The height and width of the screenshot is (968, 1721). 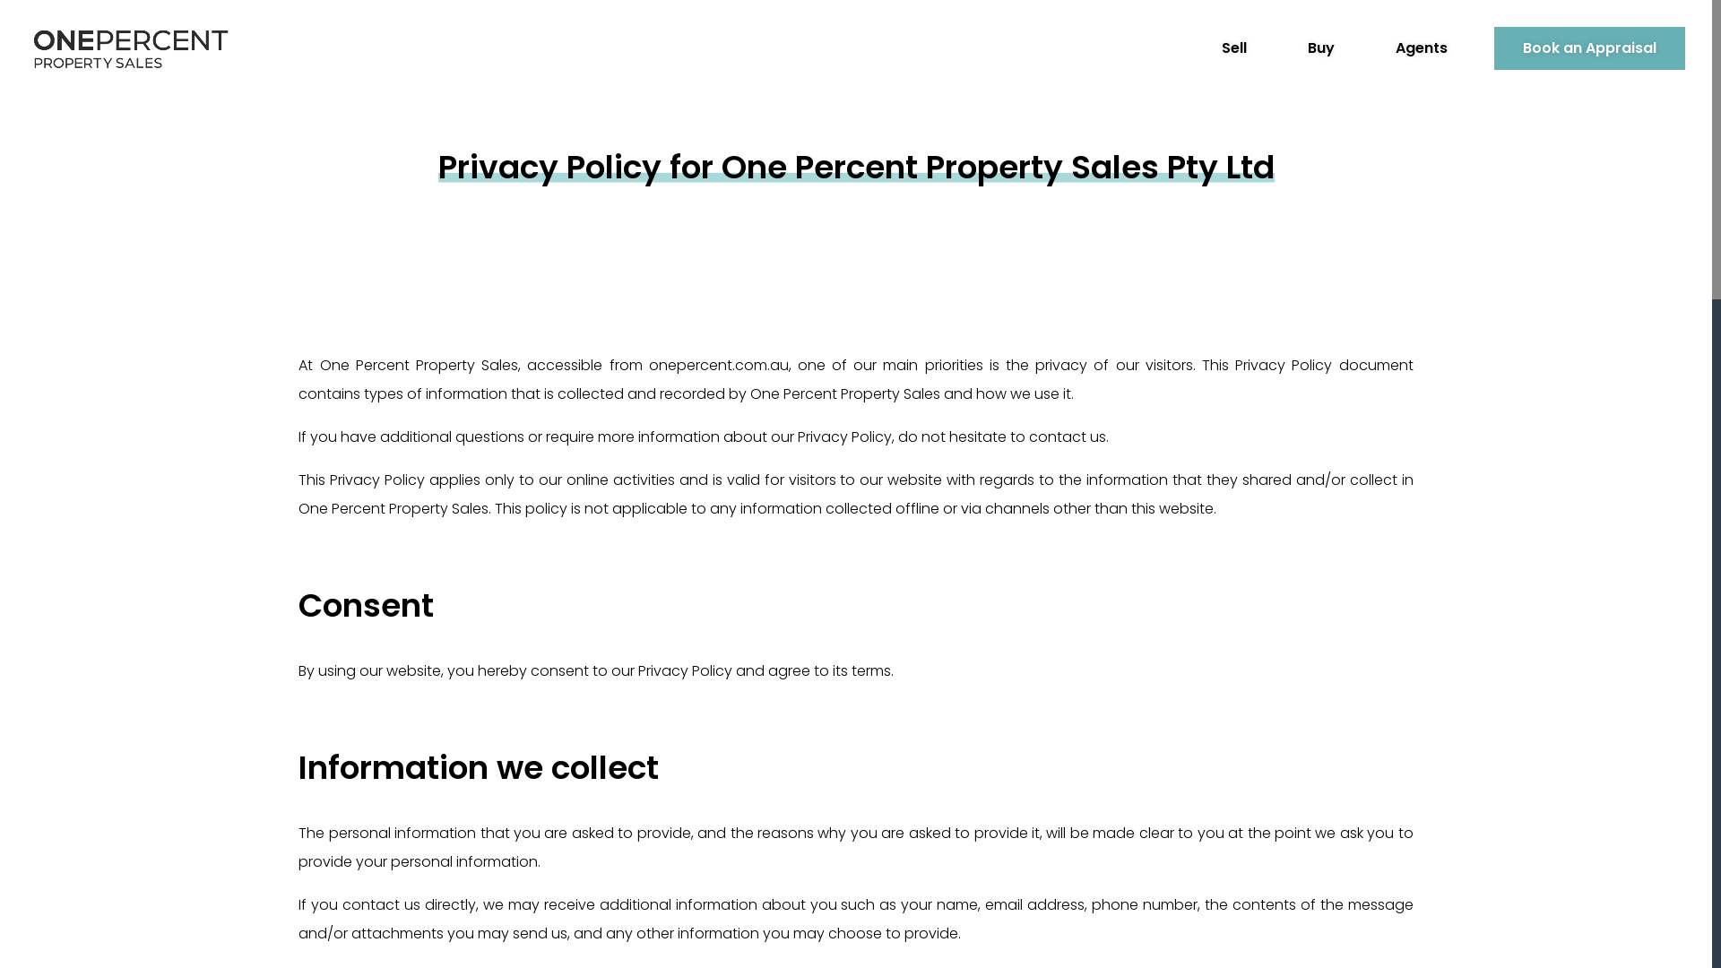 What do you see at coordinates (1493, 48) in the screenshot?
I see `'Book an Appraisal'` at bounding box center [1493, 48].